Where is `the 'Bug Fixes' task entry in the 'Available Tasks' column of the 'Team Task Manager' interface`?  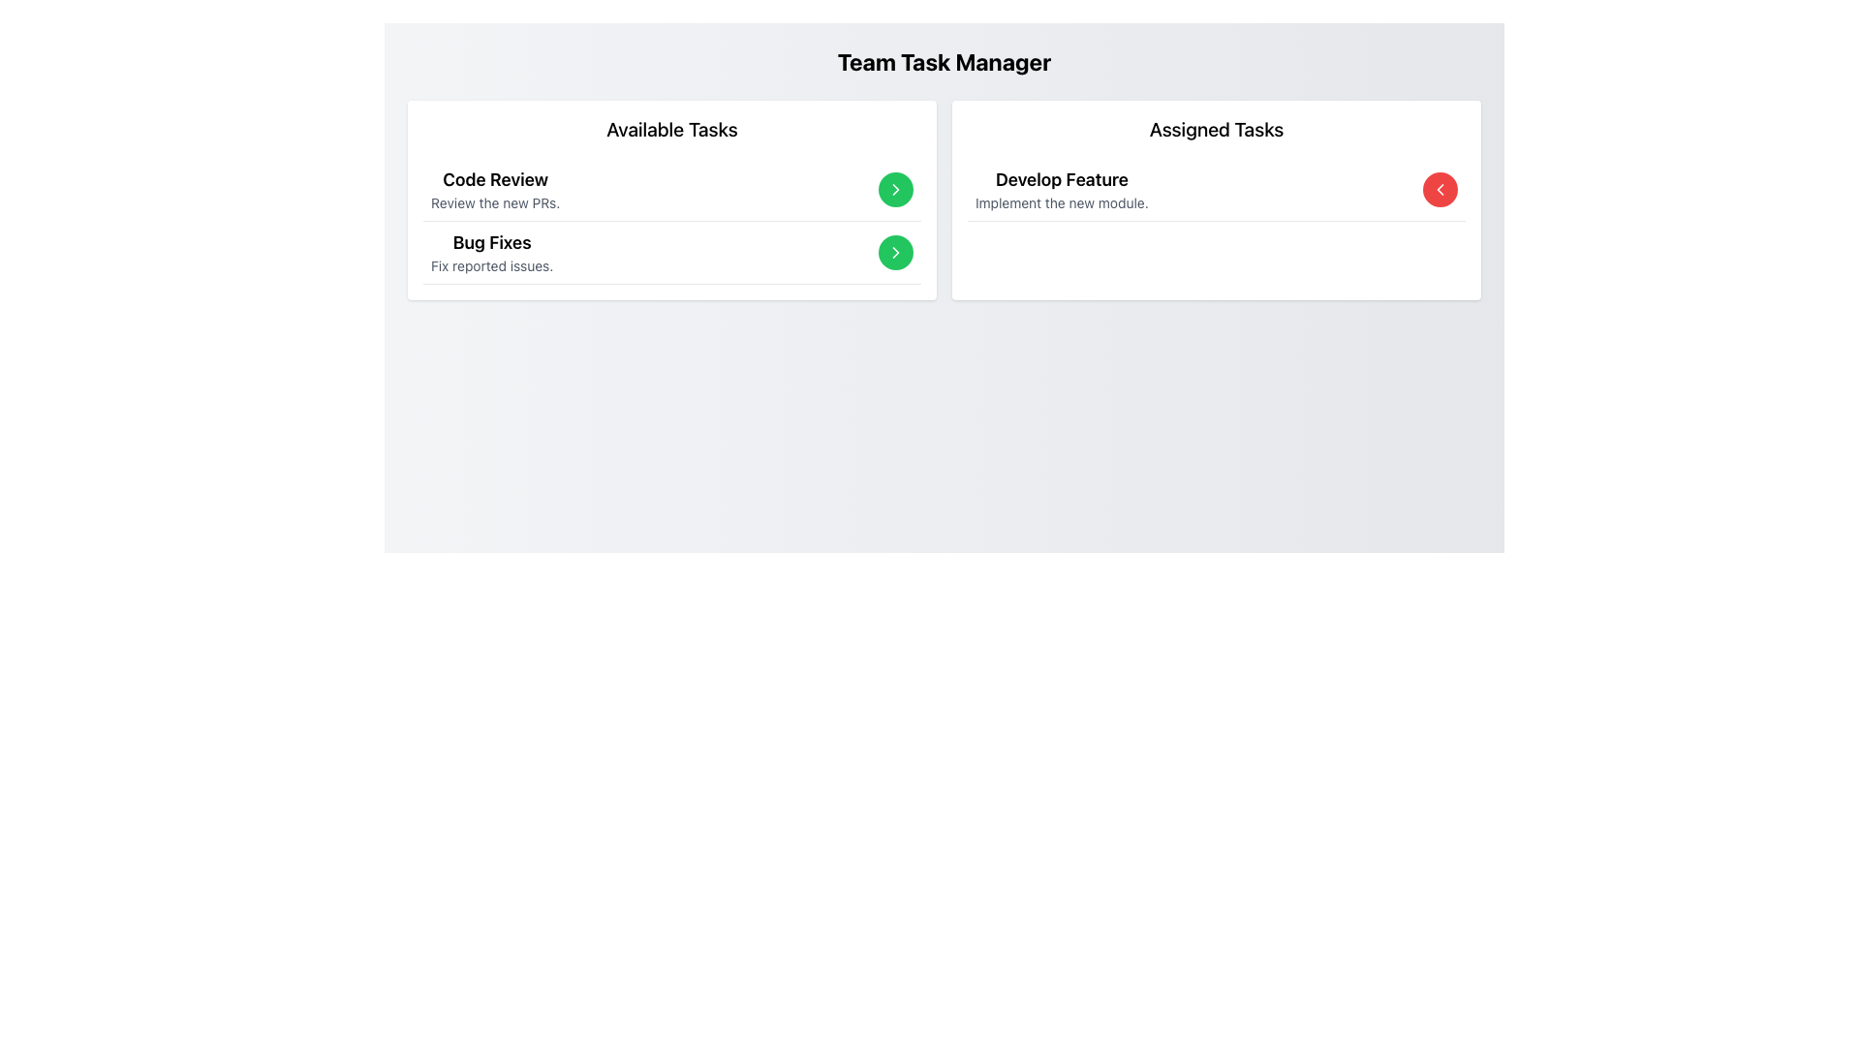 the 'Bug Fixes' task entry in the 'Available Tasks' column of the 'Team Task Manager' interface is located at coordinates (492, 252).